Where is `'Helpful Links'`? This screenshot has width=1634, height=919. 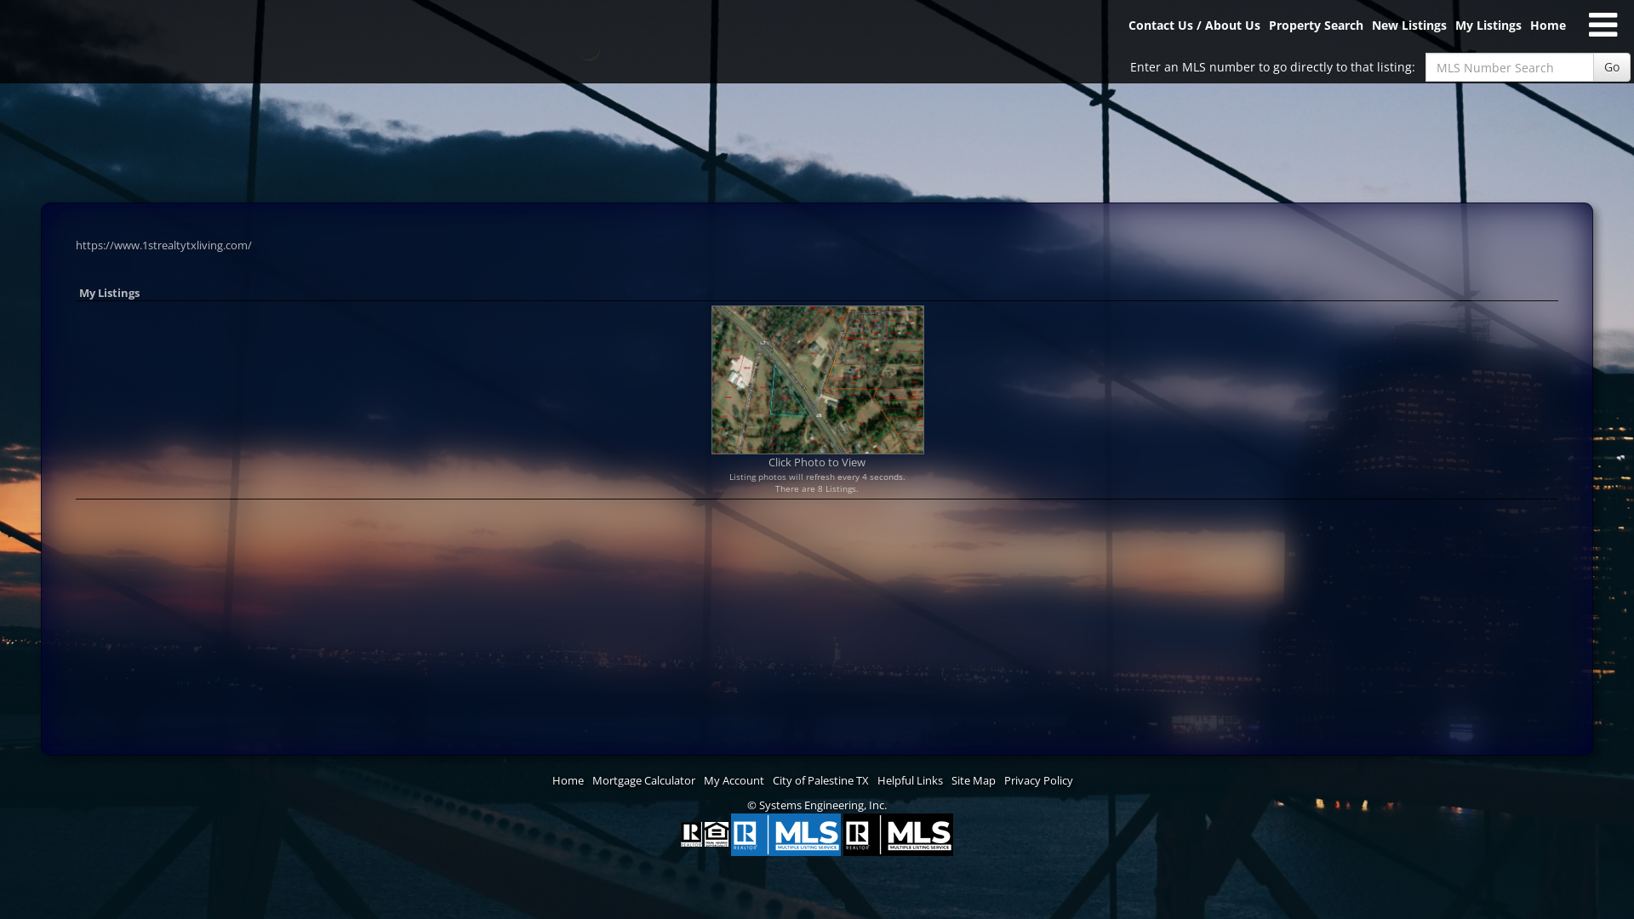 'Helpful Links' is located at coordinates (877, 780).